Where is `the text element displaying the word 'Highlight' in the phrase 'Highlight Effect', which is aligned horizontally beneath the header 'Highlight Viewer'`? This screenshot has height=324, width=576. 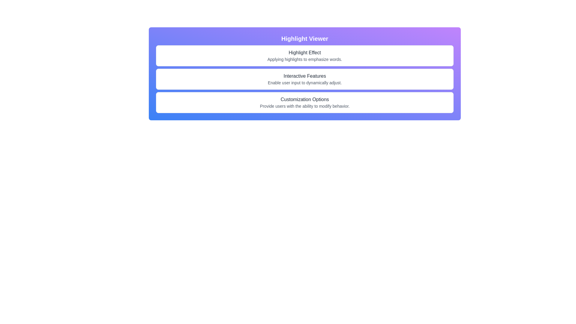
the text element displaying the word 'Highlight' in the phrase 'Highlight Effect', which is aligned horizontally beneath the header 'Highlight Viewer' is located at coordinates (302, 52).